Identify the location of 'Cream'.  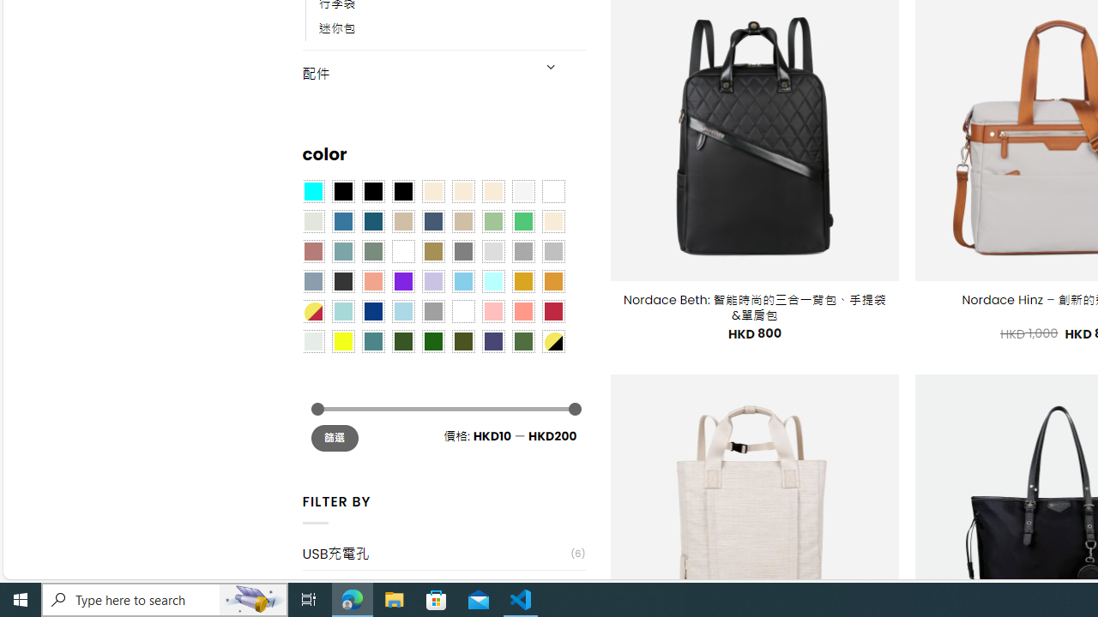
(492, 191).